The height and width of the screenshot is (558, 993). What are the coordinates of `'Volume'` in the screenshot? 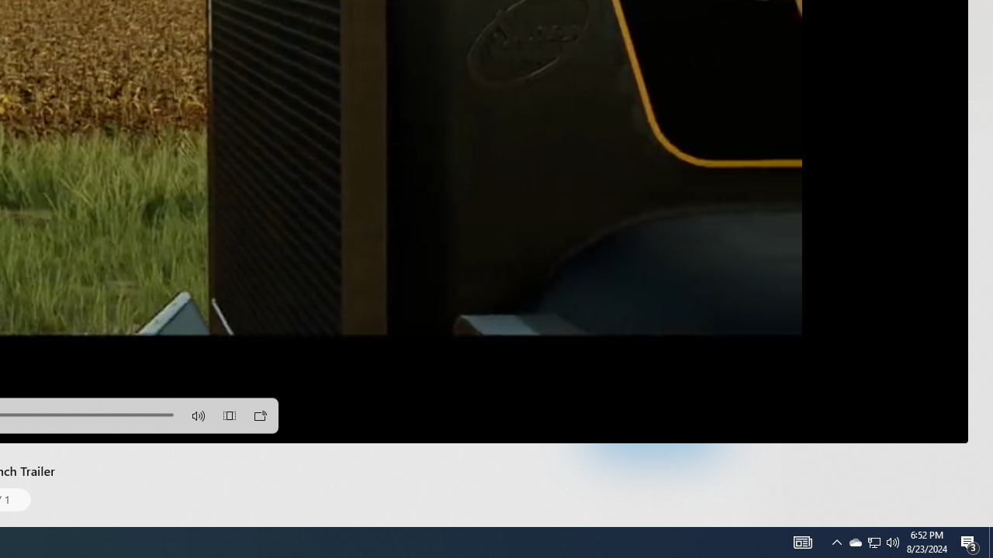 It's located at (198, 415).